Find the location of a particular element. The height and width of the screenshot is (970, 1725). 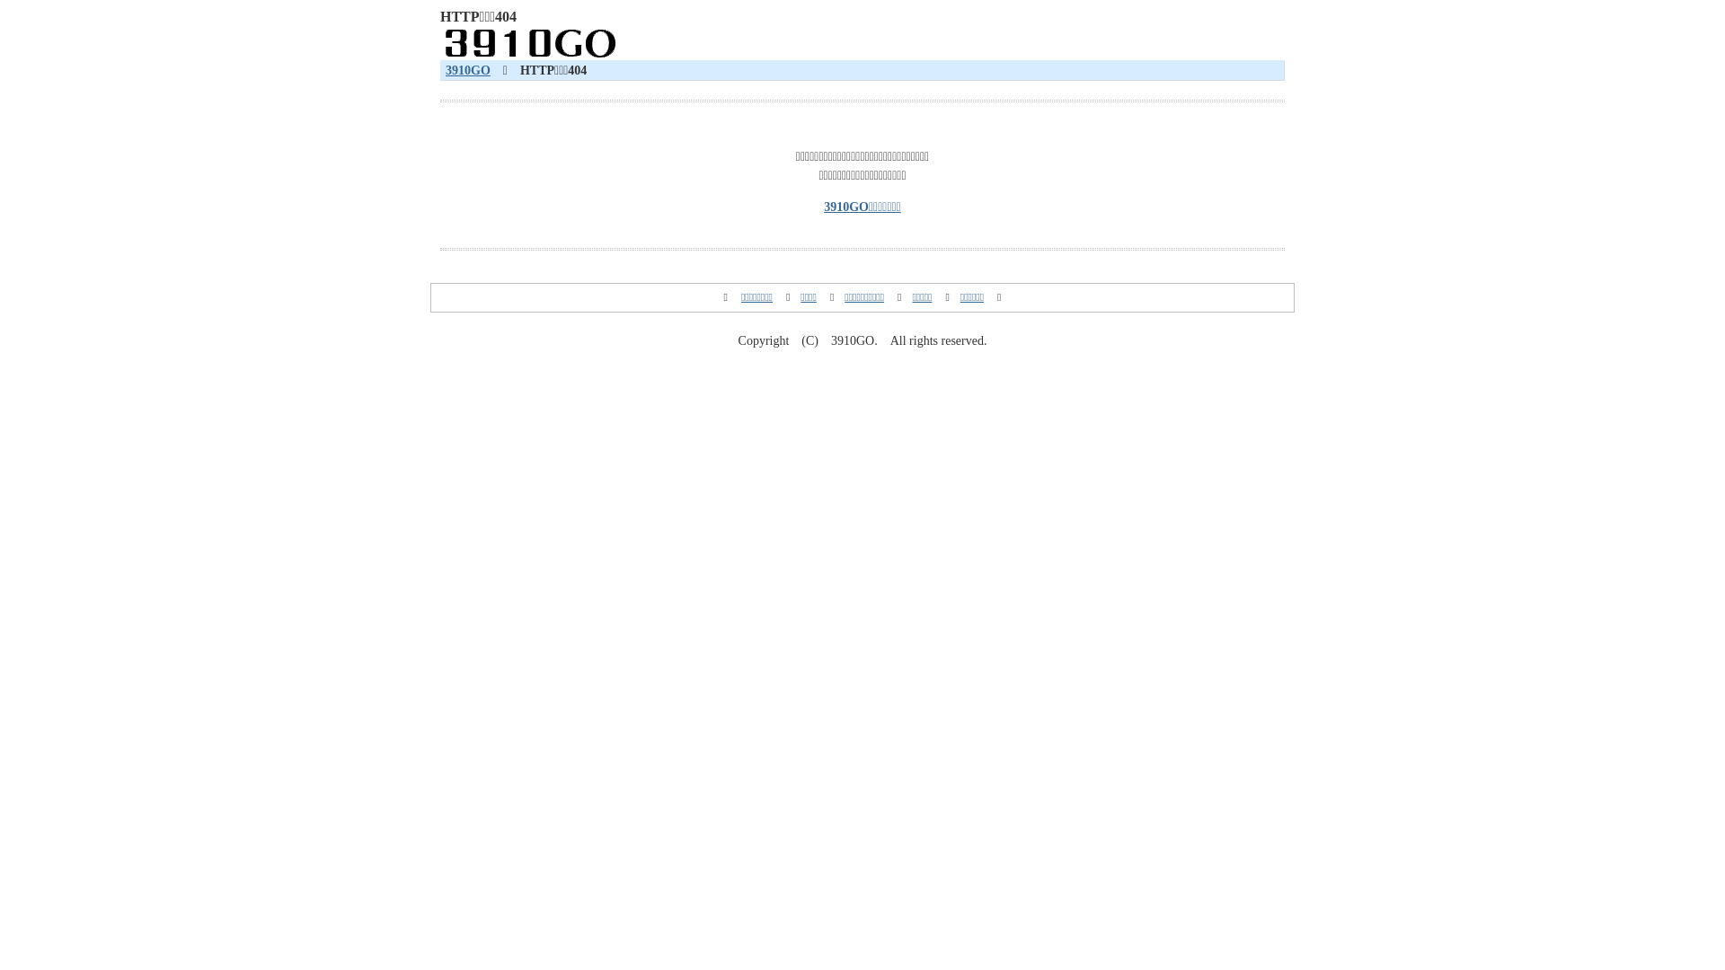

'3910GO' is located at coordinates (445, 69).